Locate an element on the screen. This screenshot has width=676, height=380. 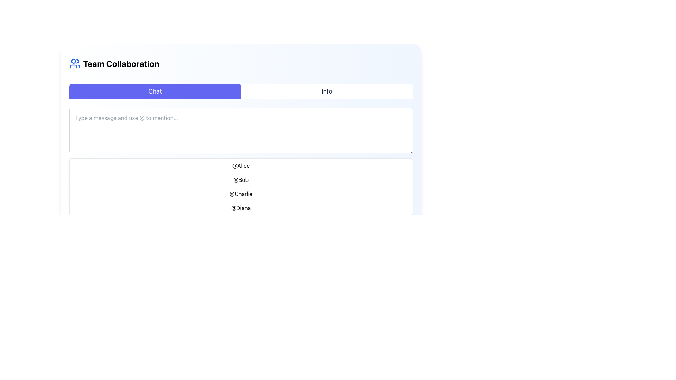
the tab switcher navigation bar is located at coordinates (241, 91).